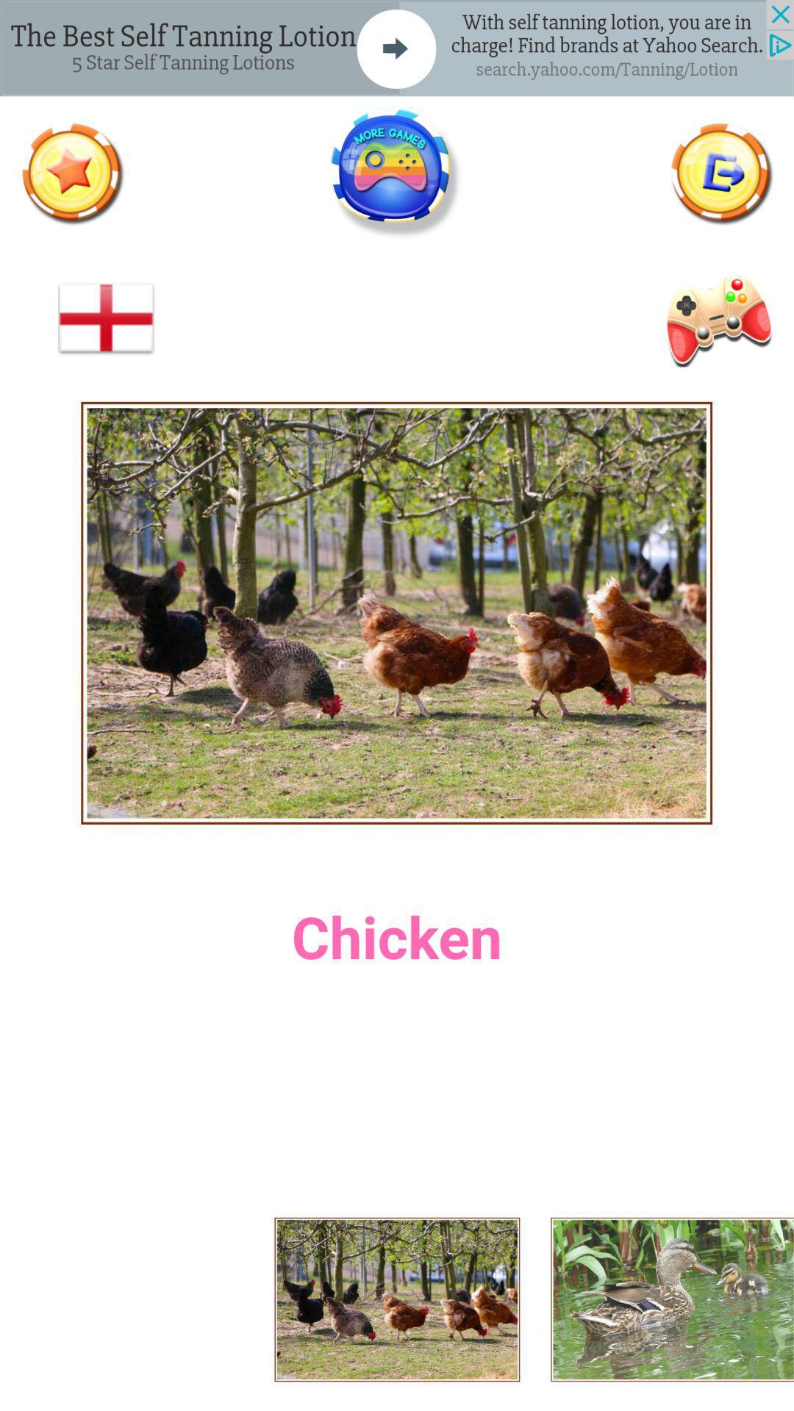 Image resolution: width=794 pixels, height=1411 pixels. I want to click on play, so click(716, 317).